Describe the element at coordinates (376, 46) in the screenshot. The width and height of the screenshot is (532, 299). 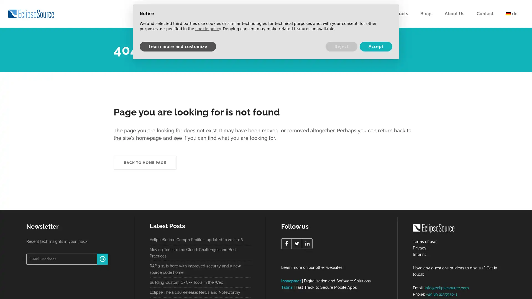
I see `Accept` at that location.